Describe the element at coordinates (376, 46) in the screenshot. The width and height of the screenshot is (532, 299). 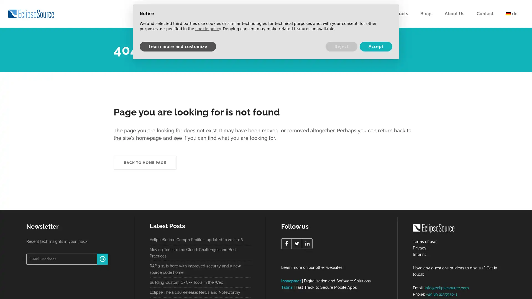
I see `Accept` at that location.